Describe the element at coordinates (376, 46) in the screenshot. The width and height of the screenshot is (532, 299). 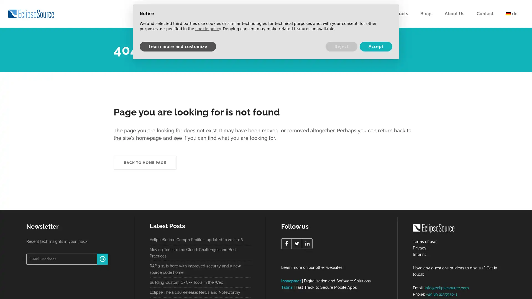
I see `Accept` at that location.